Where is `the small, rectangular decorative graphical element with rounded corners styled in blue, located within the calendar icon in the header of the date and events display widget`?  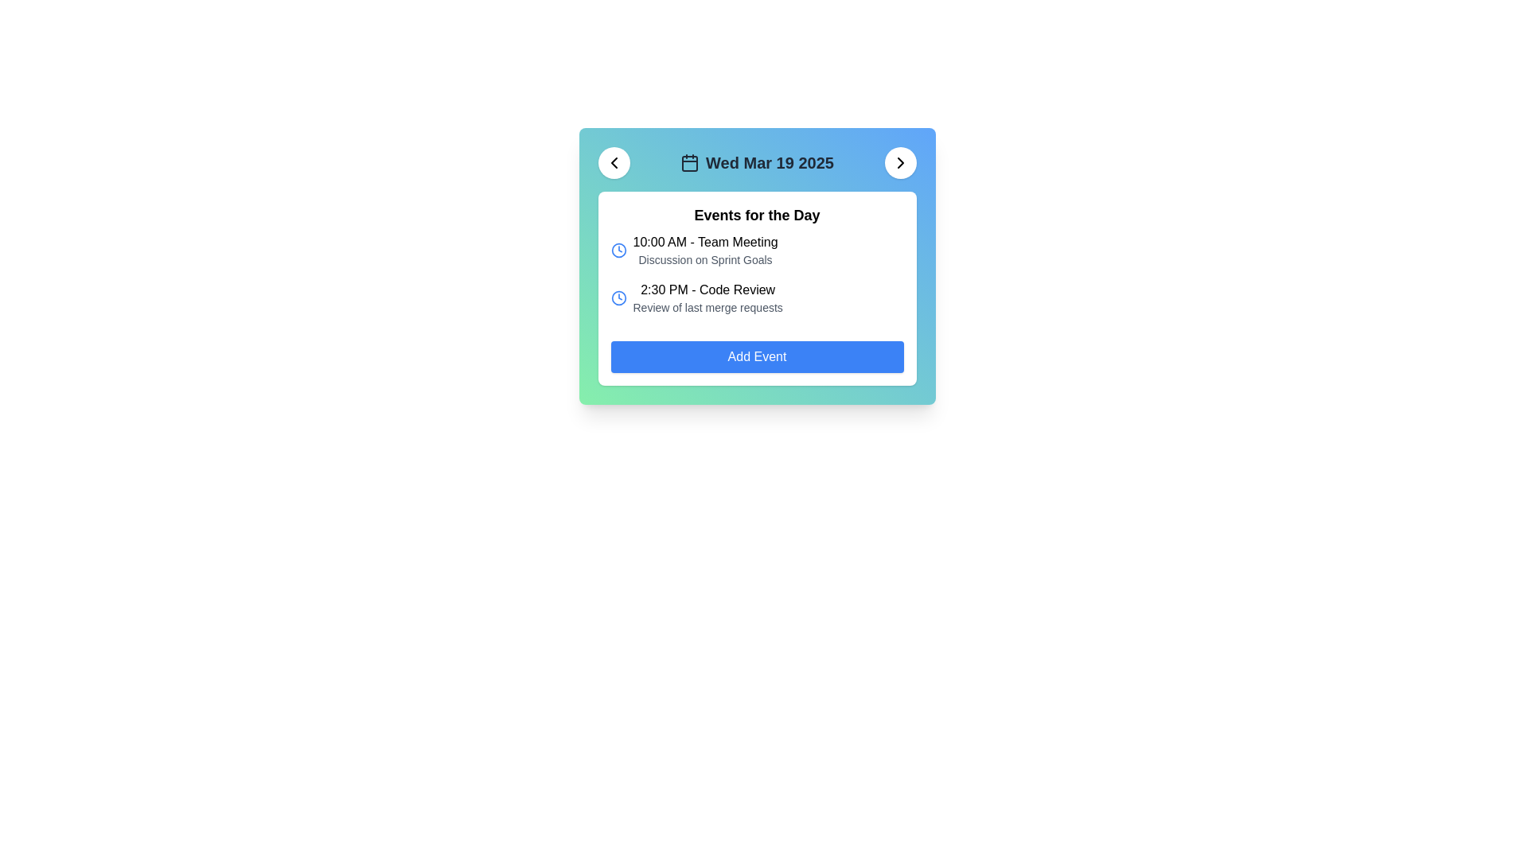
the small, rectangular decorative graphical element with rounded corners styled in blue, located within the calendar icon in the header of the date and events display widget is located at coordinates (690, 163).